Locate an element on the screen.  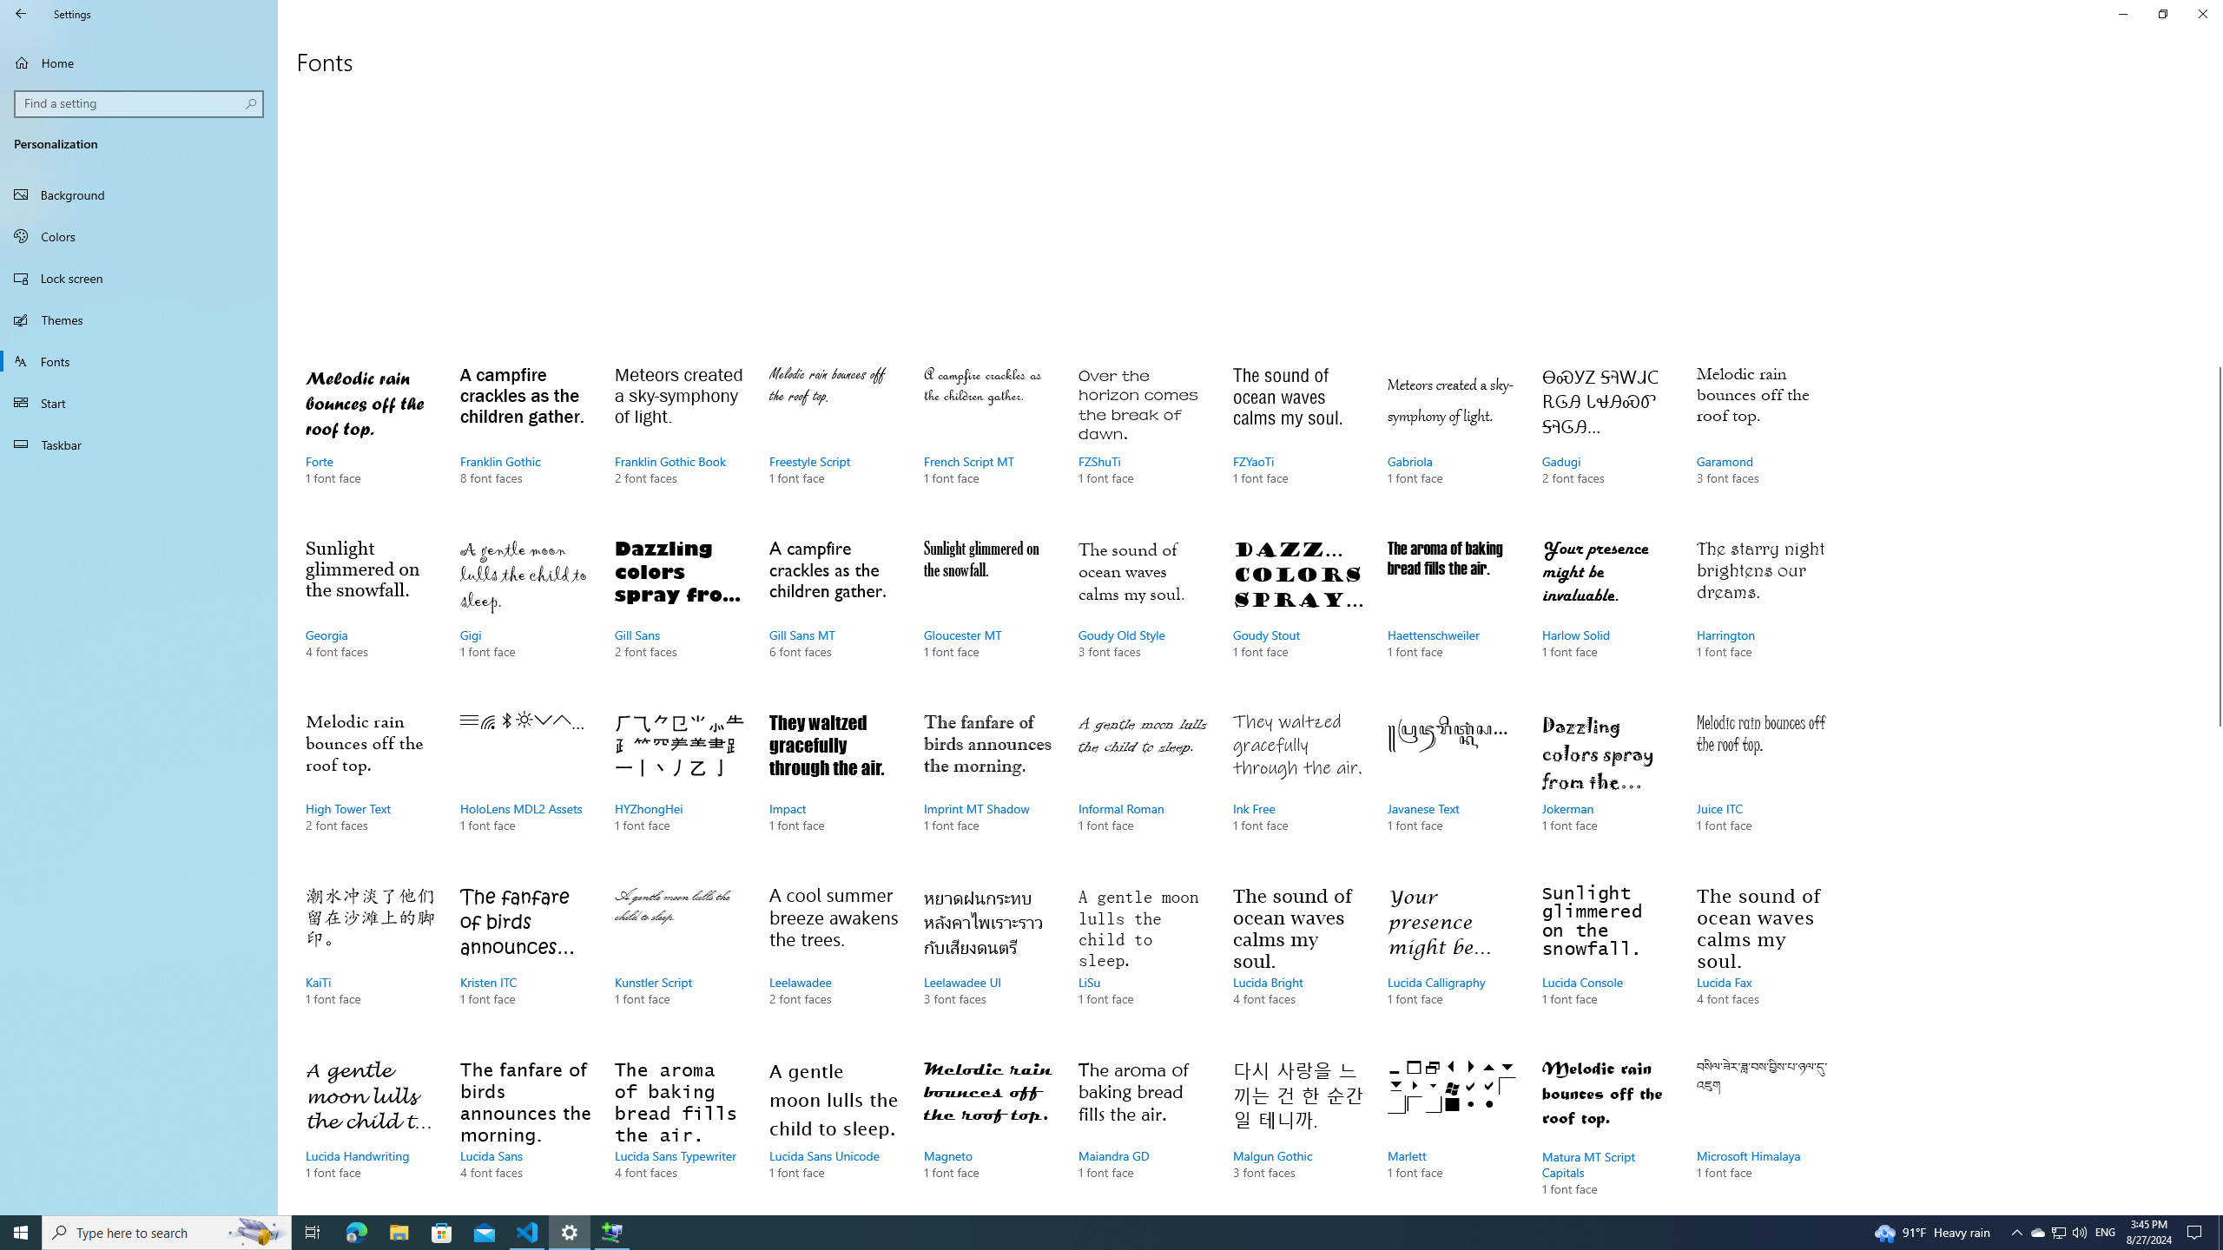
'Leelawadee UI, 3 font faces' is located at coordinates (988, 962).